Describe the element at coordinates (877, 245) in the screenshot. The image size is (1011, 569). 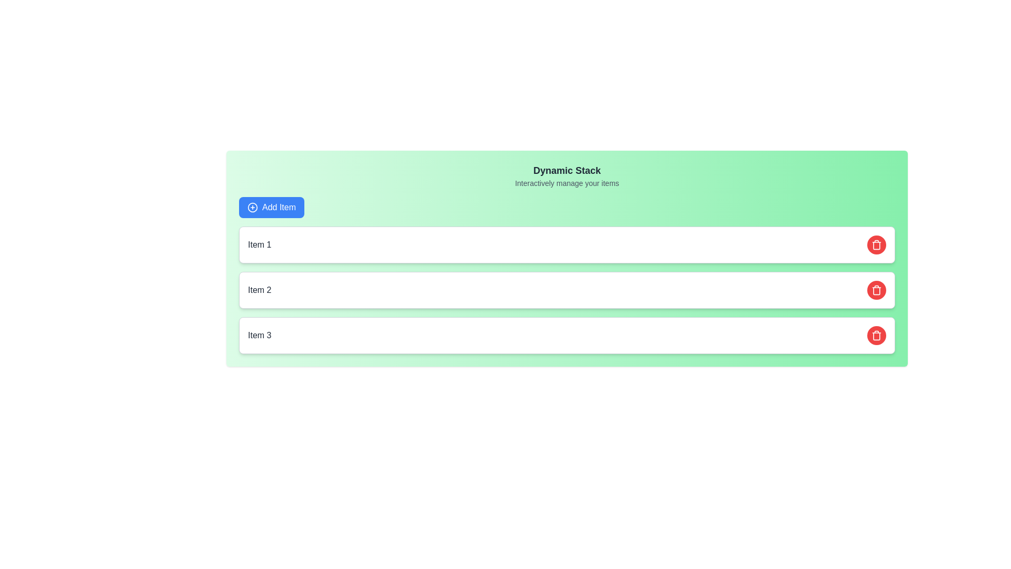
I see `the trash icon button located at the extreme right of the second item in the list` at that location.